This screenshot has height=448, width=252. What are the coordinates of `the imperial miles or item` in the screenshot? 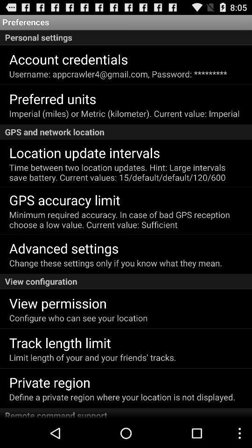 It's located at (124, 113).